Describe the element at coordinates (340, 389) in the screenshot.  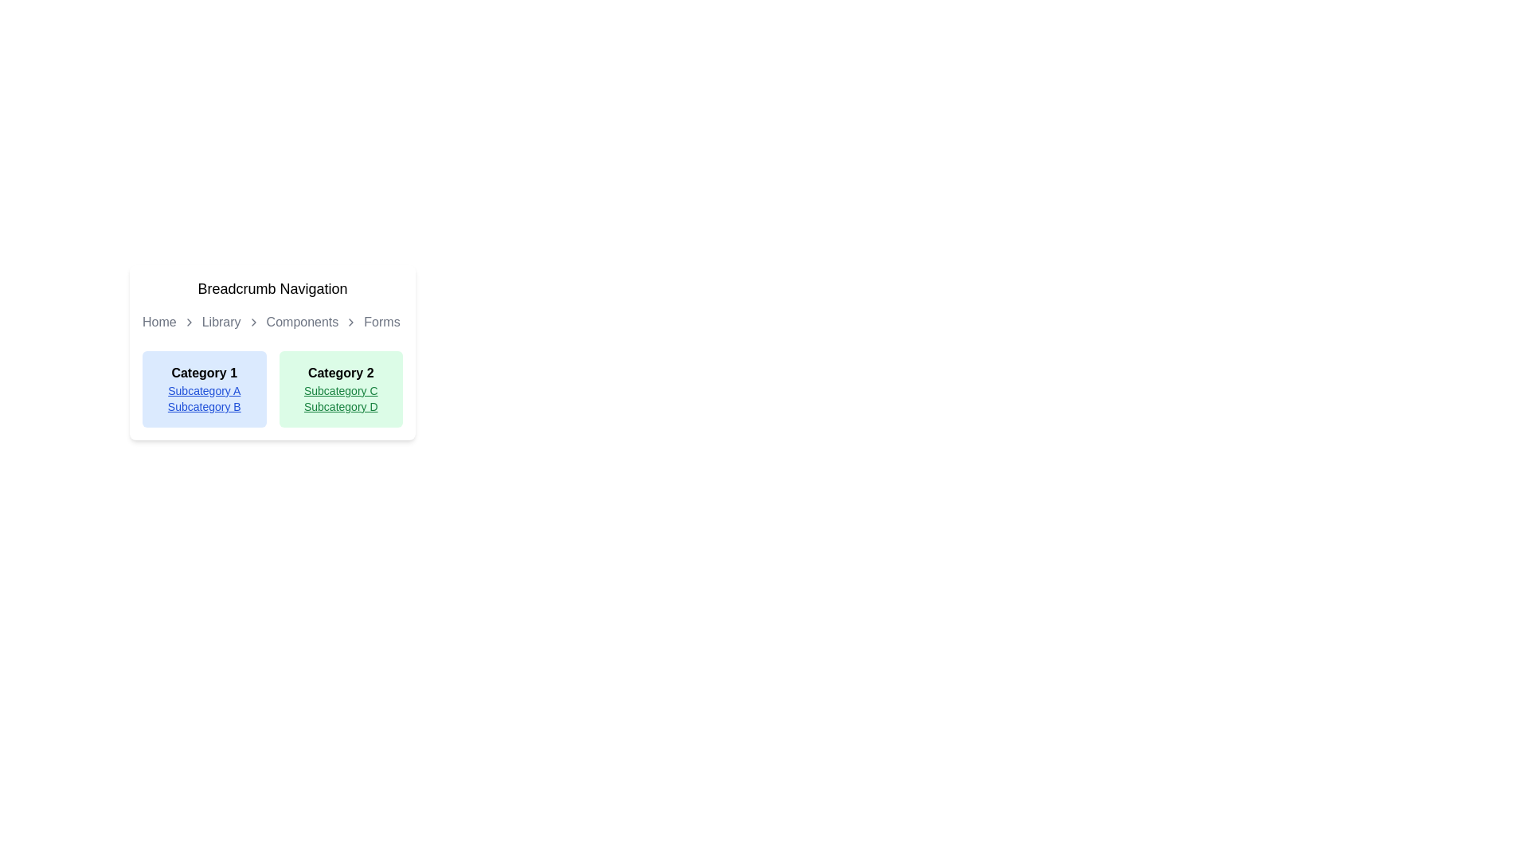
I see `the links in the category section located in the top-right cell of the grid layout, adjacent to 'Category 1'` at that location.